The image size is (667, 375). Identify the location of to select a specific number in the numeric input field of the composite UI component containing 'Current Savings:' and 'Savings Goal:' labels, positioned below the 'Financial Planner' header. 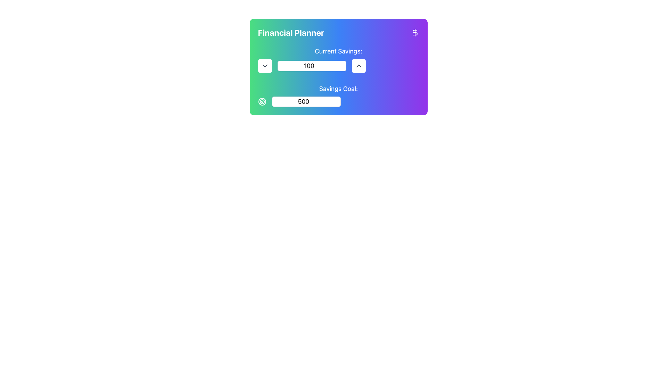
(338, 76).